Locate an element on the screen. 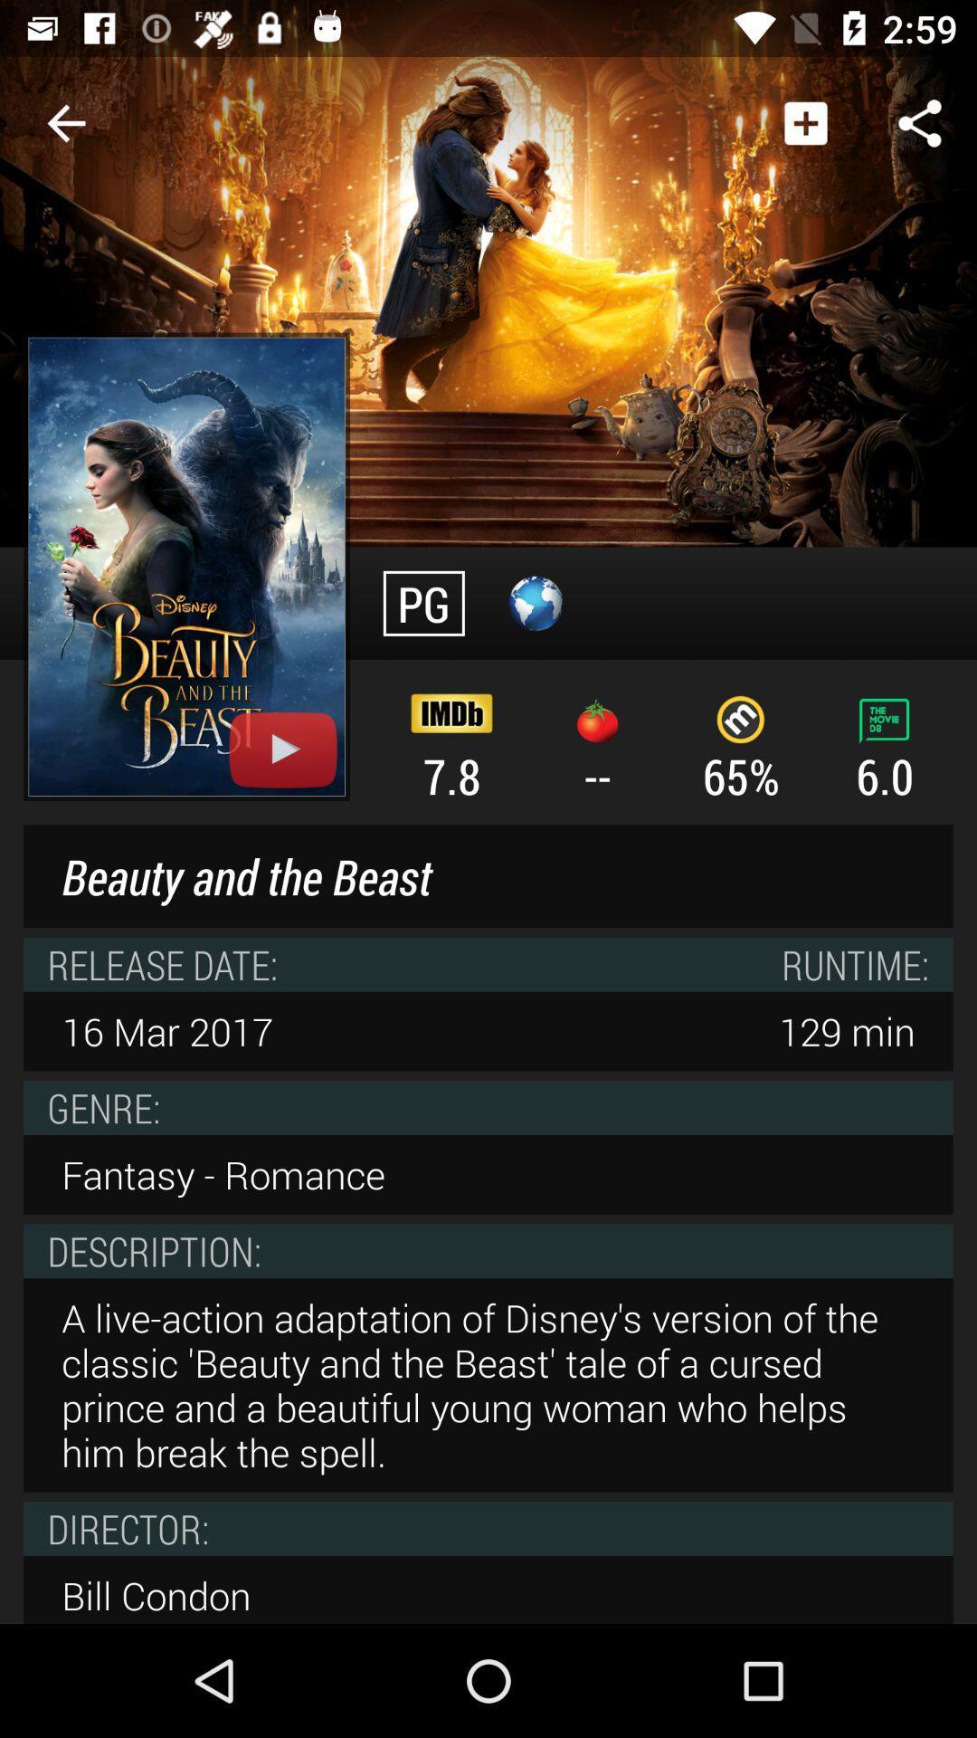 This screenshot has height=1738, width=977. the share button at top right is located at coordinates (920, 123).